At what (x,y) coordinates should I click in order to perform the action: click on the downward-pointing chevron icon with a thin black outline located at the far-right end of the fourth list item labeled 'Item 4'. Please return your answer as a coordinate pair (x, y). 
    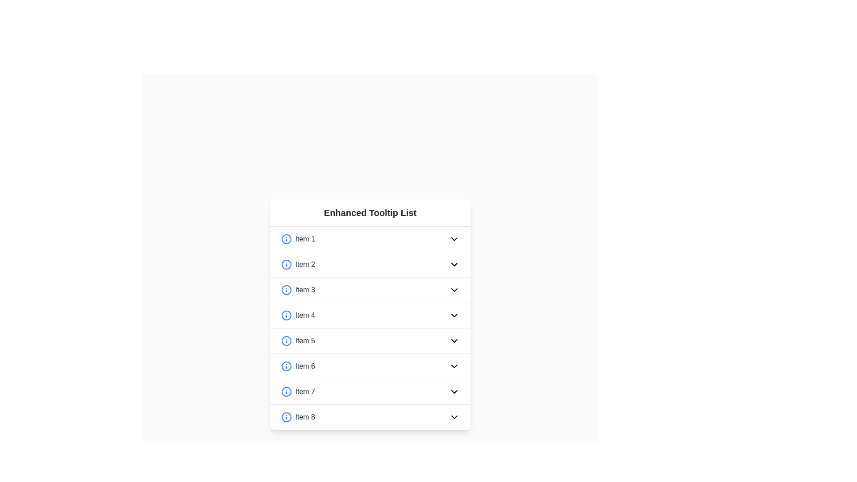
    Looking at the image, I should click on (454, 315).